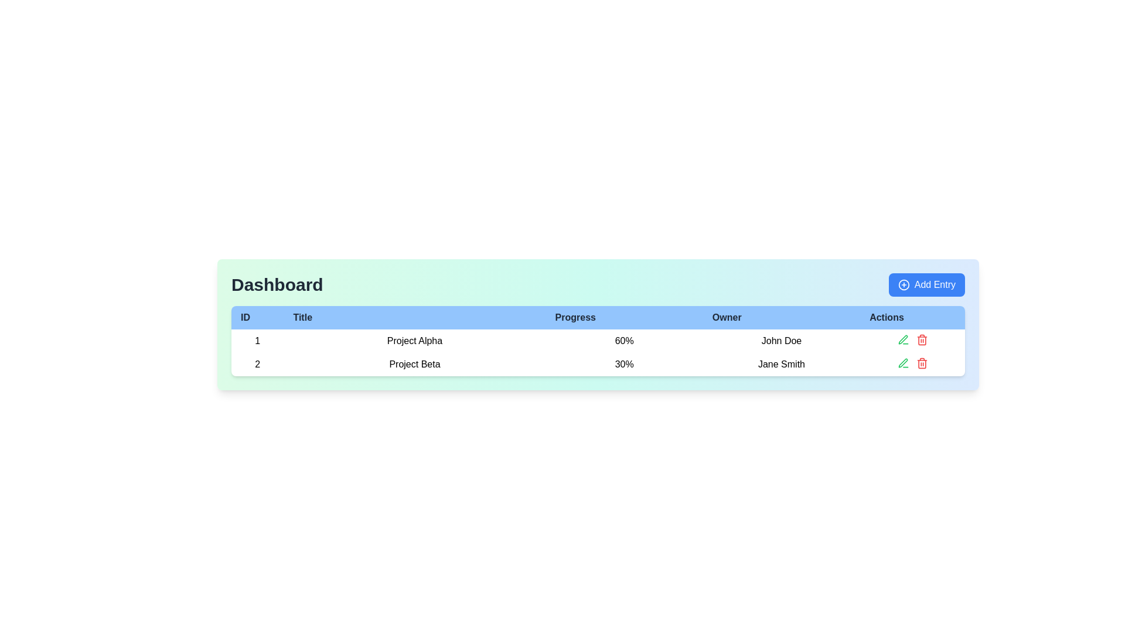 This screenshot has width=1125, height=632. What do you see at coordinates (921, 341) in the screenshot?
I see `the red trash can icon button located in the 'Actions' column of the second row representing 'Project Beta'` at bounding box center [921, 341].